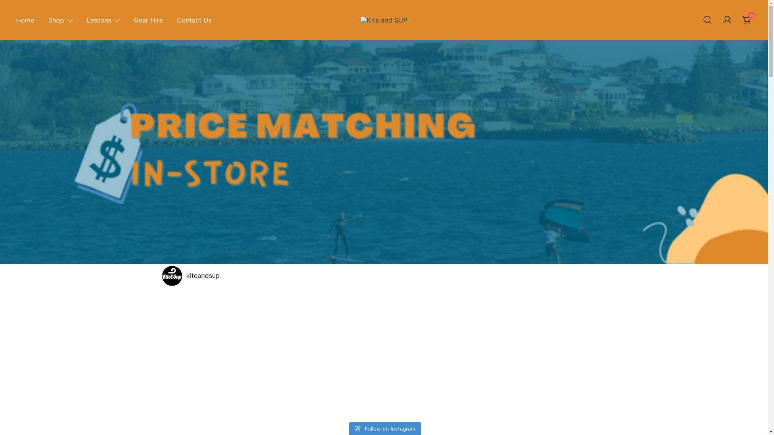  What do you see at coordinates (176, 20) in the screenshot?
I see `'Contact Us'` at bounding box center [176, 20].